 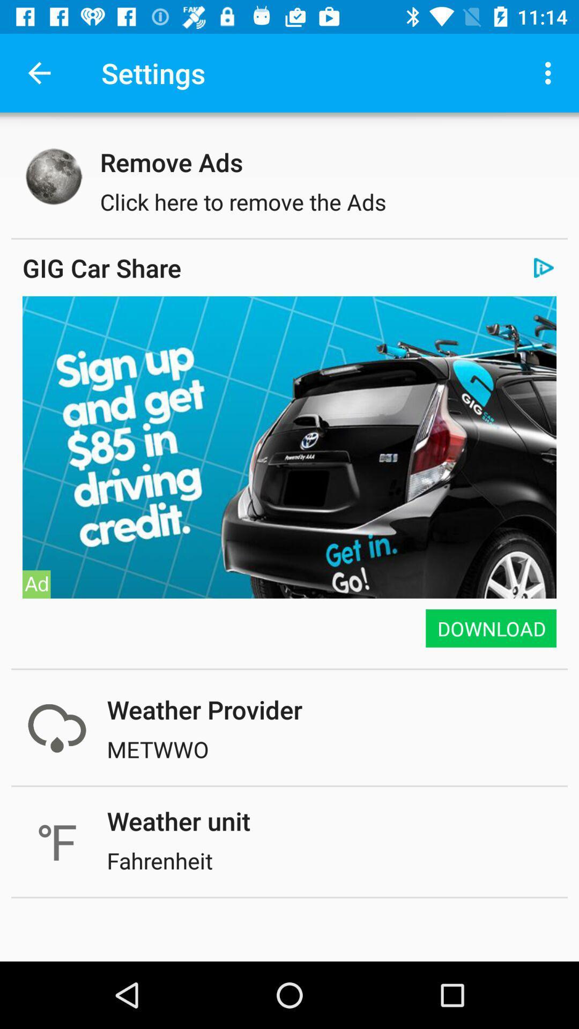 I want to click on the item on the right, so click(x=490, y=628).